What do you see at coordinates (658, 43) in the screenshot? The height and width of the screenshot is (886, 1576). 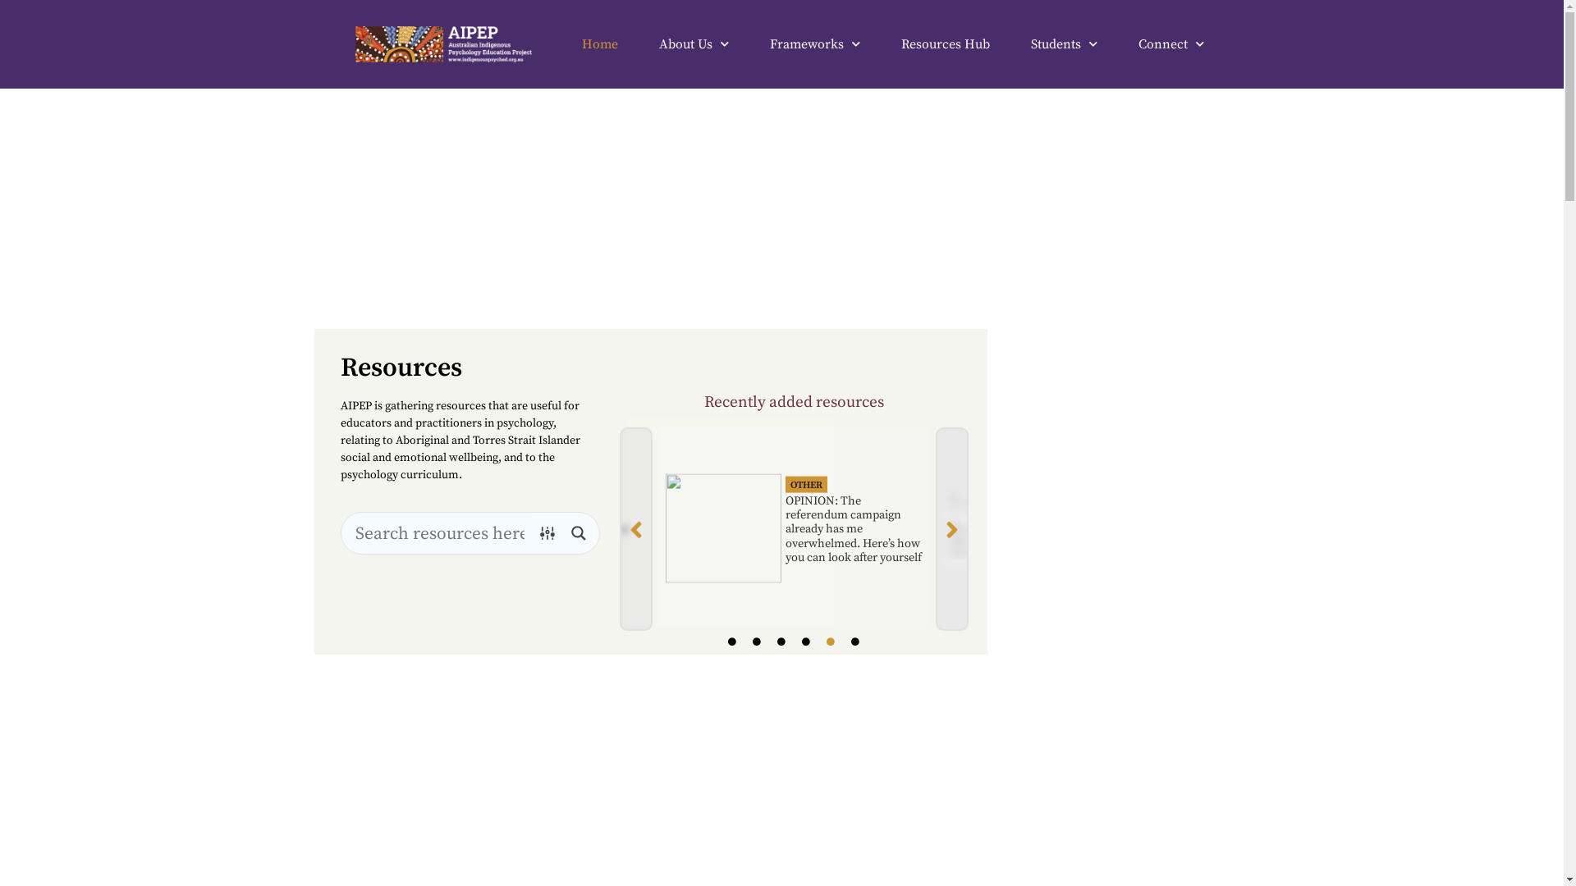 I see `'About Us'` at bounding box center [658, 43].